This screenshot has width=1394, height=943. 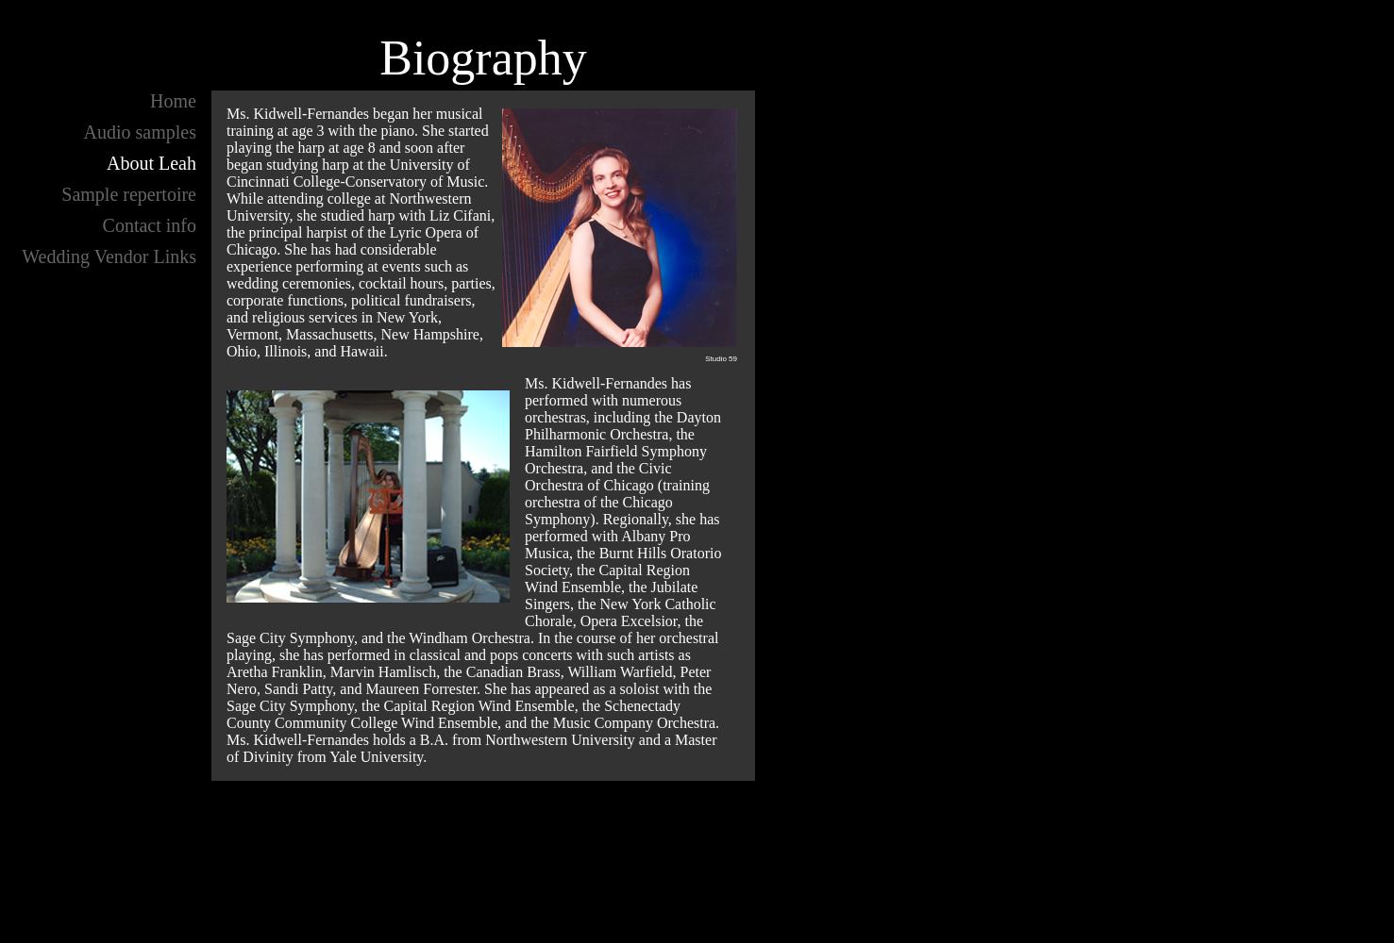 What do you see at coordinates (474, 569) in the screenshot?
I see `'Ms. Kidwell-Fernandes has performed with numerous orchestras, including 
the Dayton Philharmonic Orchestra, the Hamilton Fairfield Symphony 
Orchestra, and the Civic Orchestra of Chicago (training orchestra of 
the Chicago Symphony).  Regionally, she has performed with Albany Pro 
Musica, the Burnt Hills Oratorio Society, the Capital Region Wind 
Ensemble, the Jubilate Singers, the New York Catholic Chorale, Opera 
Excelsior, the Sage City Symphony, and the Windham Orchestra.  In the 
course of her orchestral playing, she has performed in classical and 
pops concerts with such artists as Aretha Franklin, Marvin Hamlisch, 
the Canadian Brass, William Warfield, Peter Nero, Sandi Patty, and 
Maureen Forrester.  She has appeared as a soloist with the Sage City 
Symphony, the Capital Region Wind Ensemble, the Schenectady County 
Community College Wind Ensemble, and the Music Company Orchestra.  
Ms. Kidwell-Fernandes holds a B.A. from Northwestern University and 
a Master of Divinity from Yale University.'` at bounding box center [474, 569].